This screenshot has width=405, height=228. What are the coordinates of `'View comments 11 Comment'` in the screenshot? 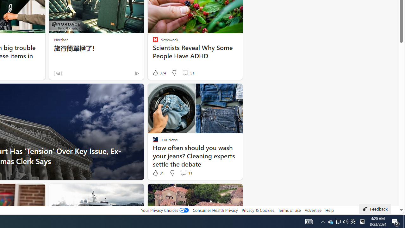 It's located at (186, 173).